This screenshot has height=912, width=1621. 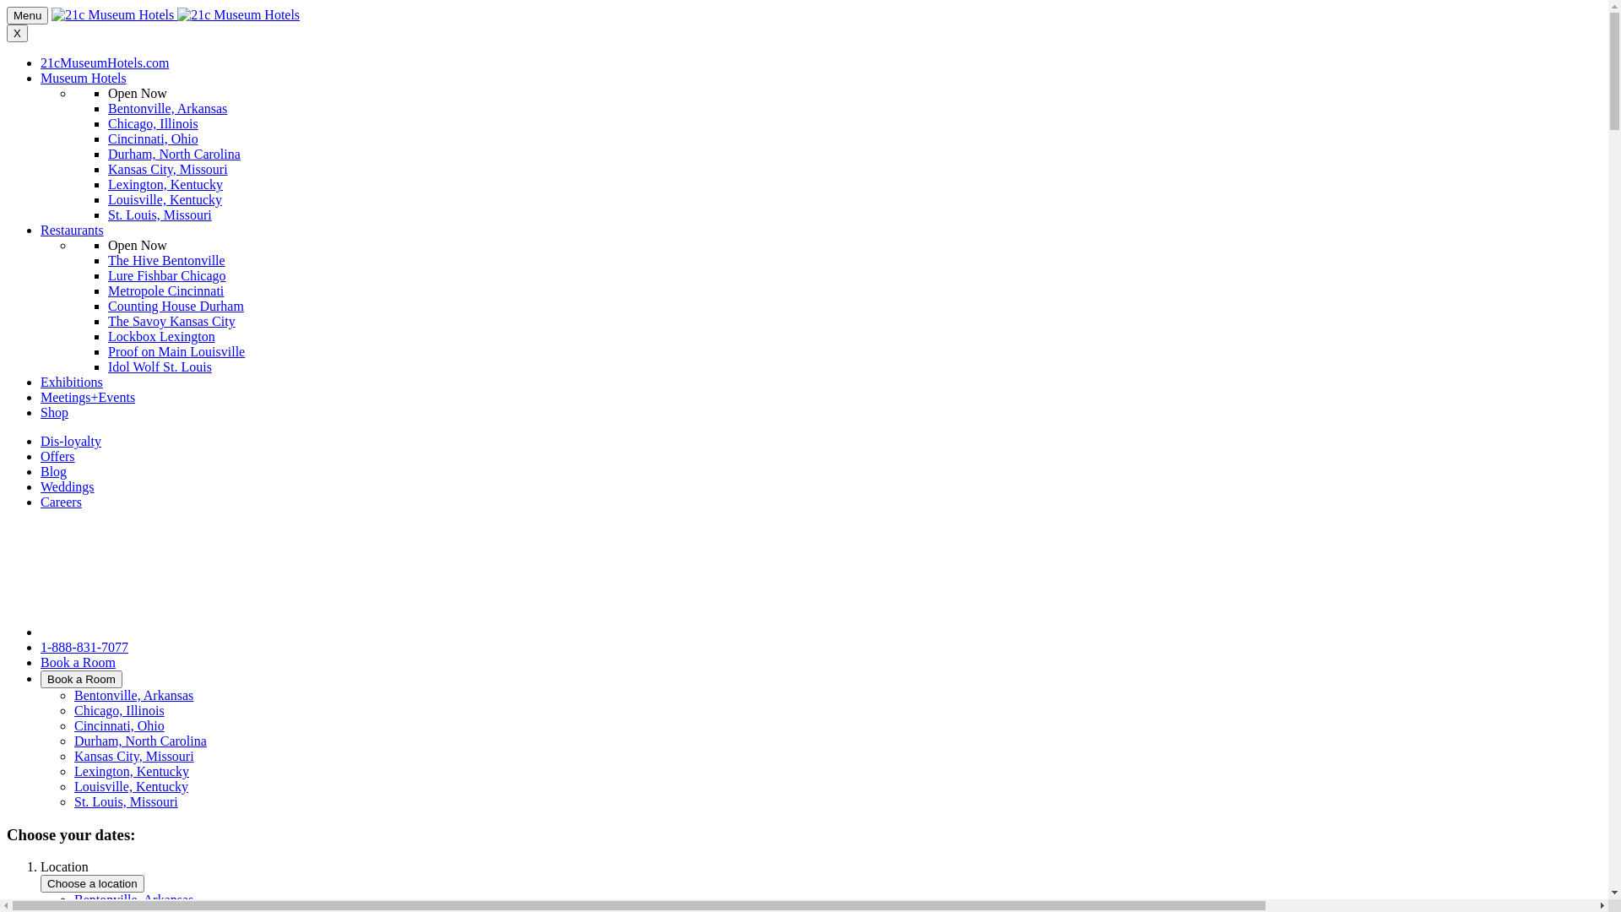 I want to click on 'The Hive Bentonville', so click(x=166, y=260).